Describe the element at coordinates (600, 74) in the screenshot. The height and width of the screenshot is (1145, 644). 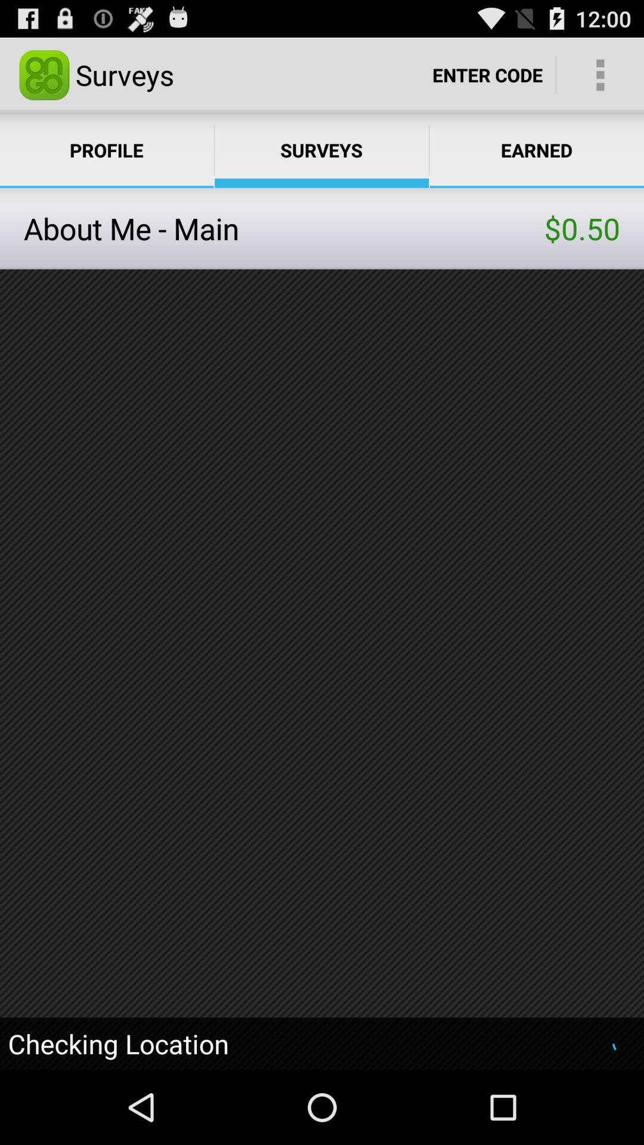
I see `app above earned app` at that location.